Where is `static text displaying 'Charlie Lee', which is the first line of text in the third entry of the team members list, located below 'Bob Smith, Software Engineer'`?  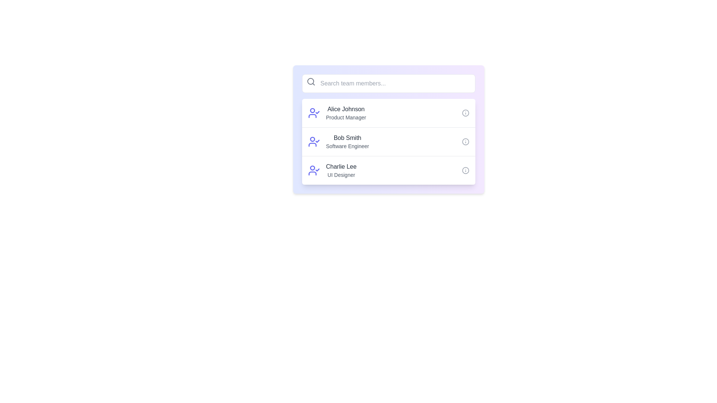
static text displaying 'Charlie Lee', which is the first line of text in the third entry of the team members list, located below 'Bob Smith, Software Engineer' is located at coordinates (341, 166).